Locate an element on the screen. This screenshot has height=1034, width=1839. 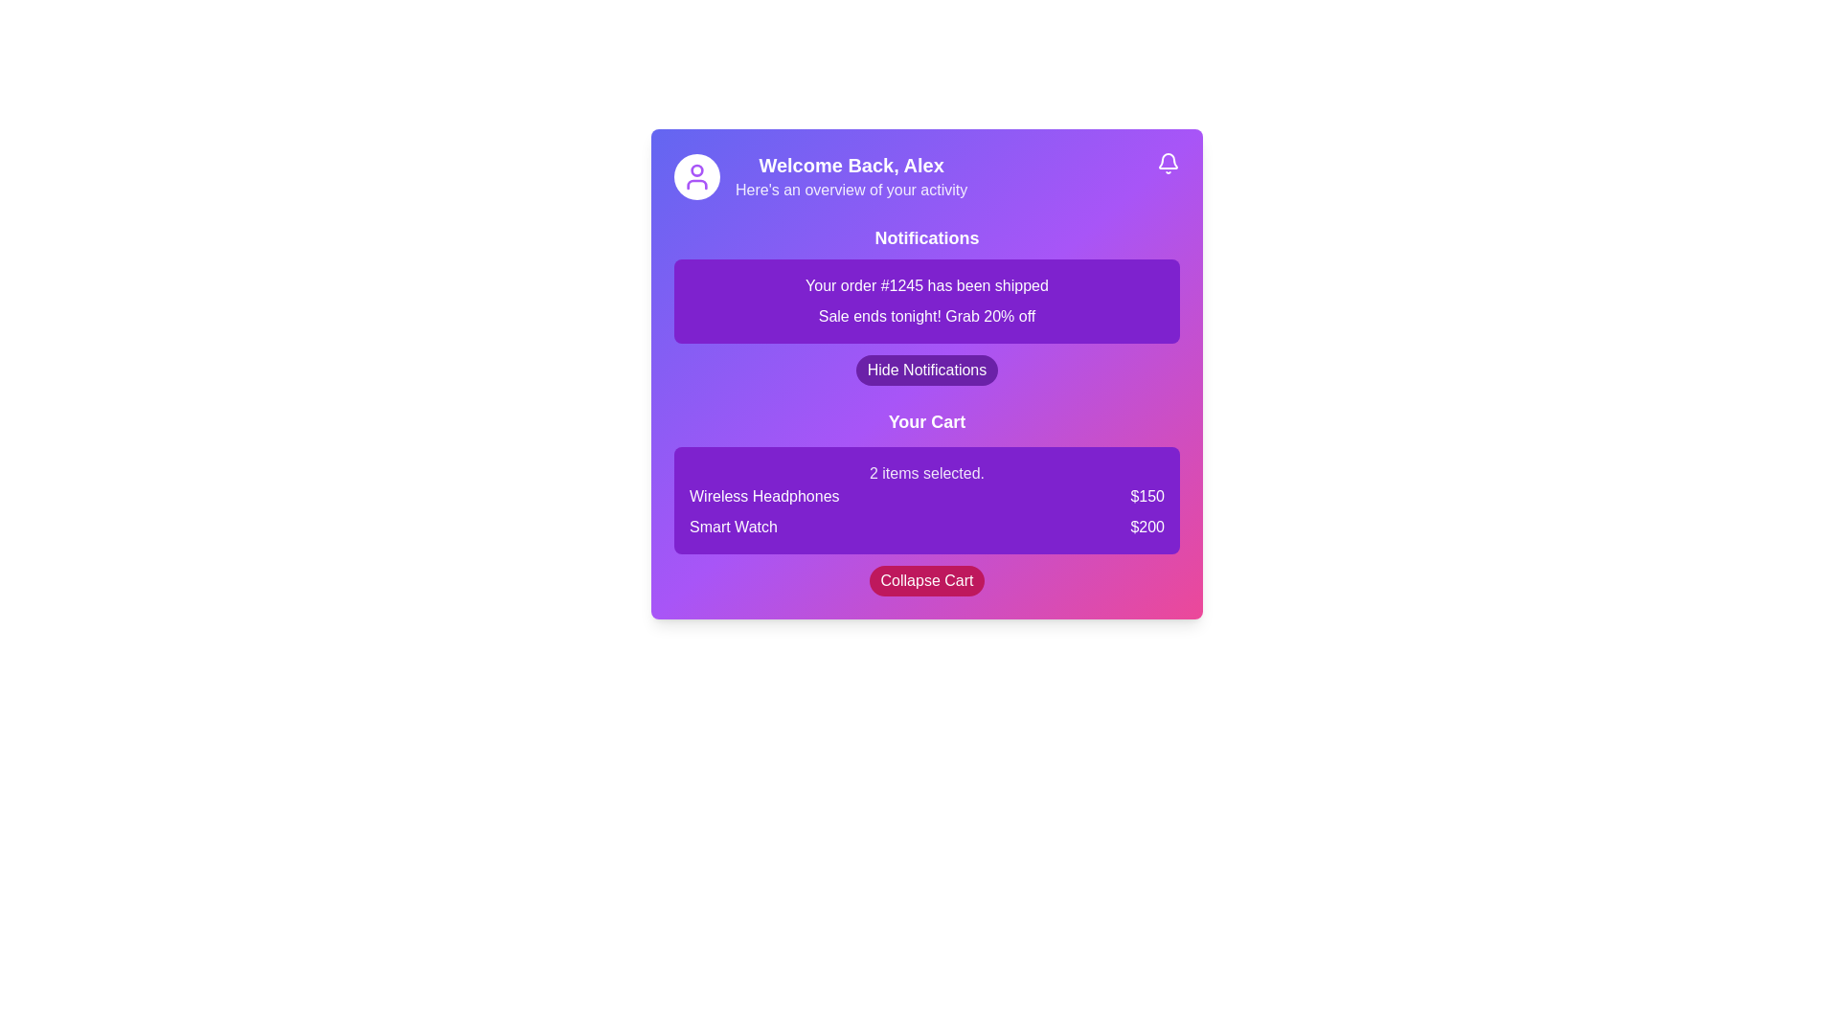
the heading indicating the shopping cart details, positioned below the 'Hide Notifications' button and above the items list is located at coordinates (927, 420).